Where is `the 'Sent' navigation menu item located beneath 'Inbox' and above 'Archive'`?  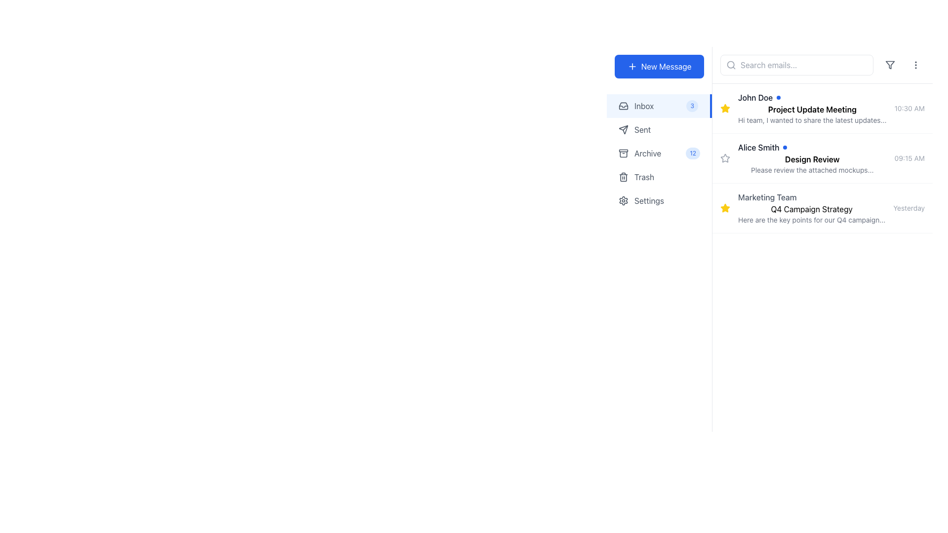
the 'Sent' navigation menu item located beneath 'Inbox' and above 'Archive' is located at coordinates (659, 129).